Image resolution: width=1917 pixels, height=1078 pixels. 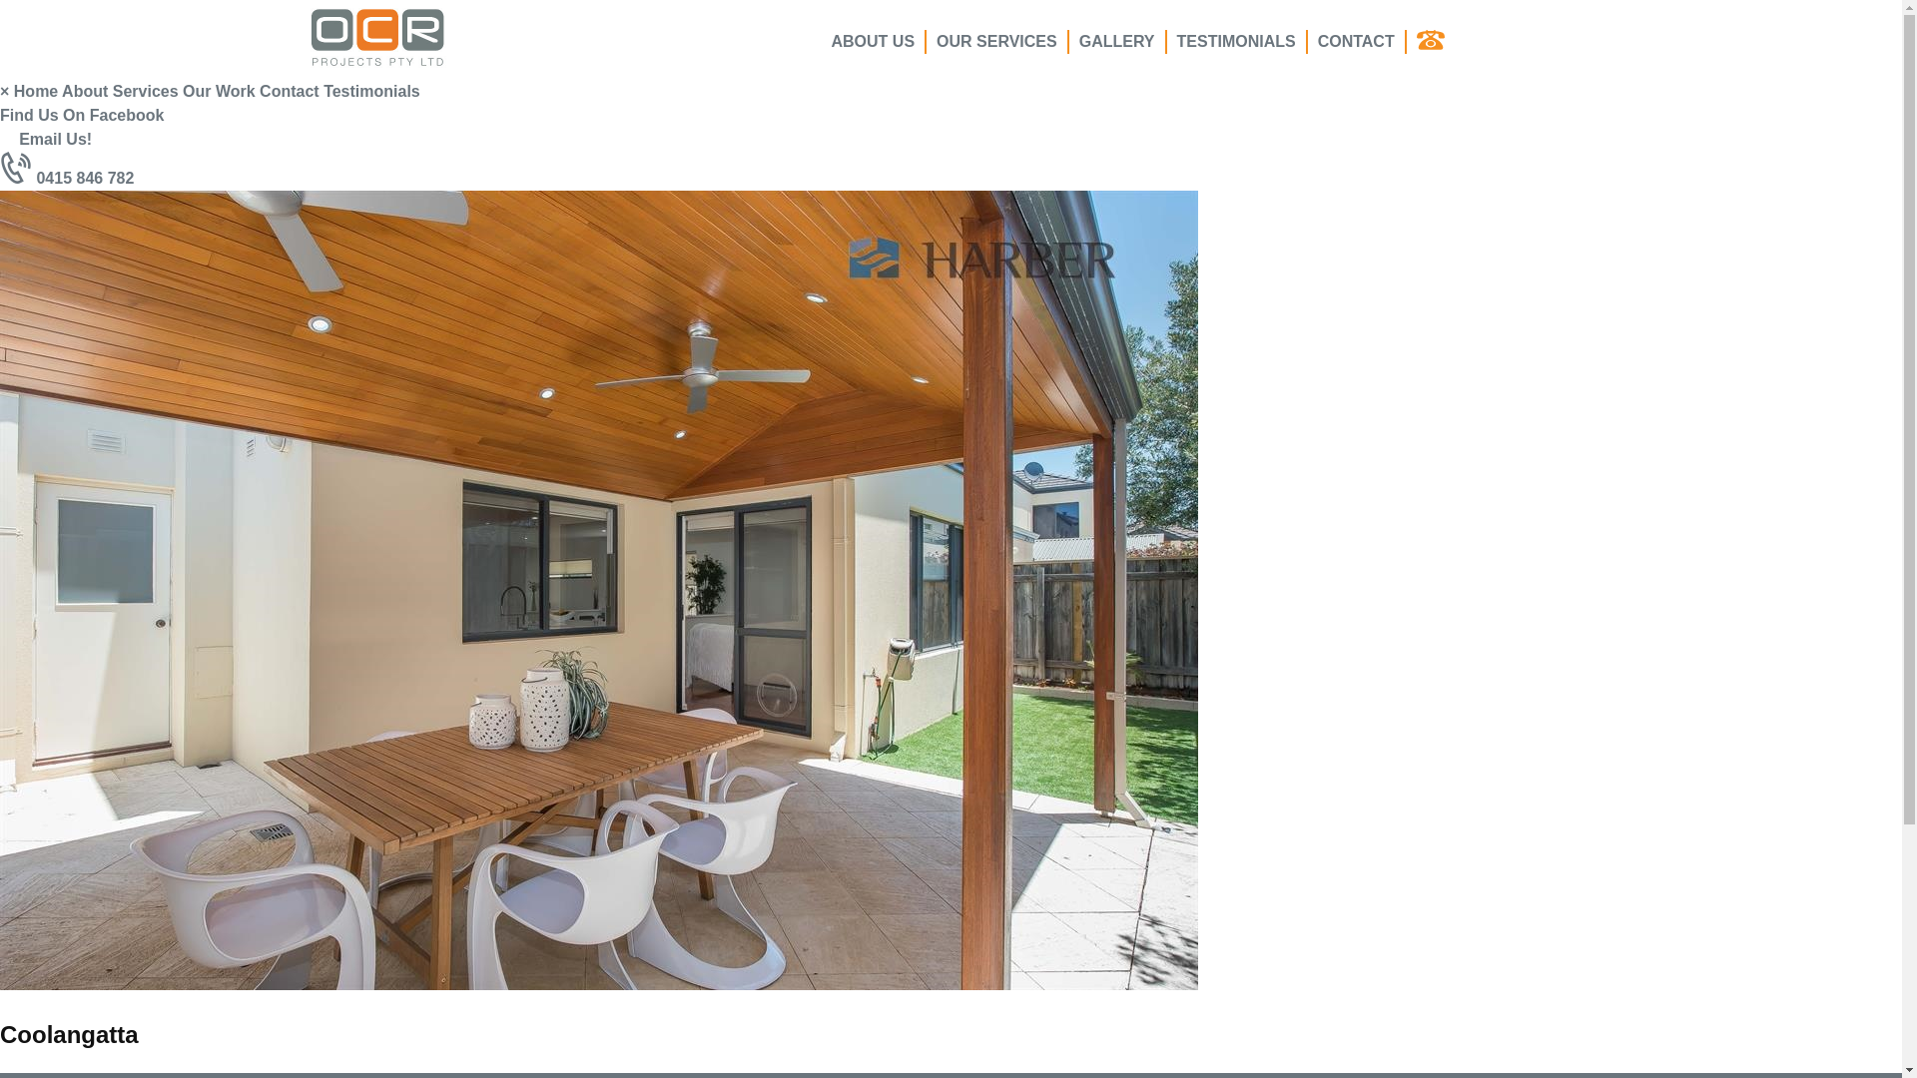 I want to click on 'CONTACT', so click(x=1357, y=42).